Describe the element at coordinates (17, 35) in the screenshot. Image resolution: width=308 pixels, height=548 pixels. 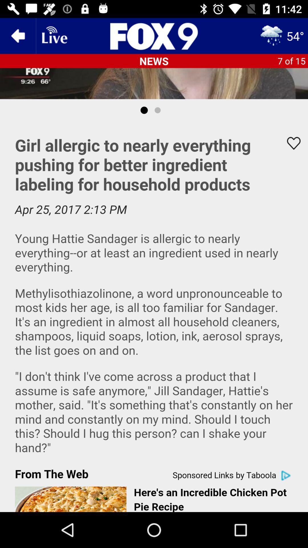
I see `goes back` at that location.